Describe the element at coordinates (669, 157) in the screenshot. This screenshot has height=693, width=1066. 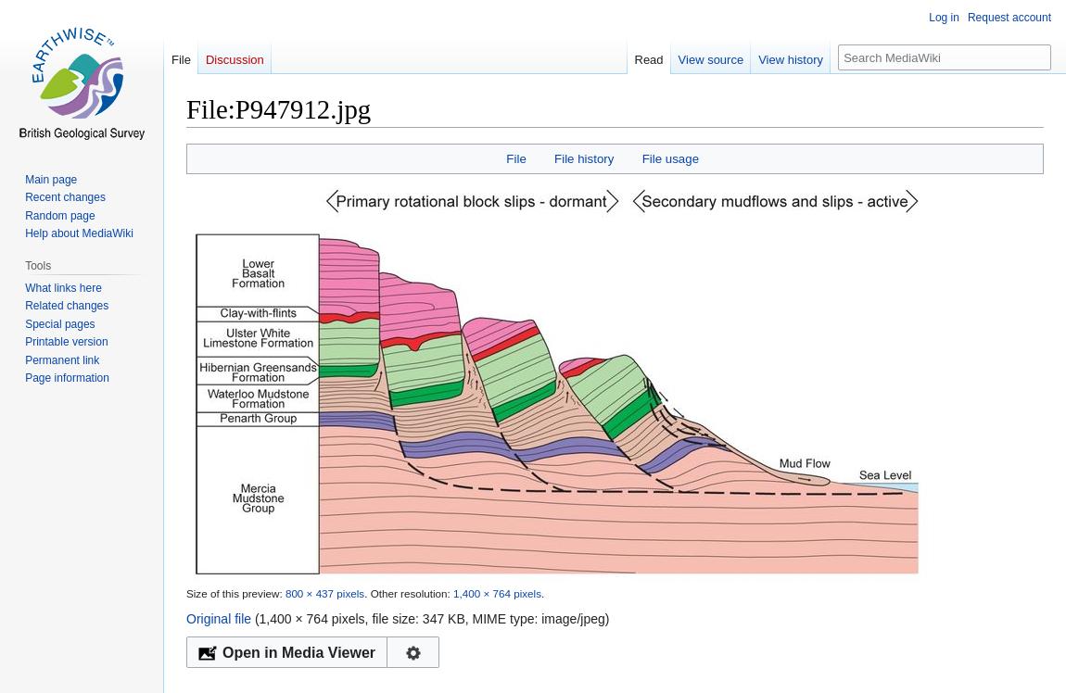
I see `'File usage'` at that location.